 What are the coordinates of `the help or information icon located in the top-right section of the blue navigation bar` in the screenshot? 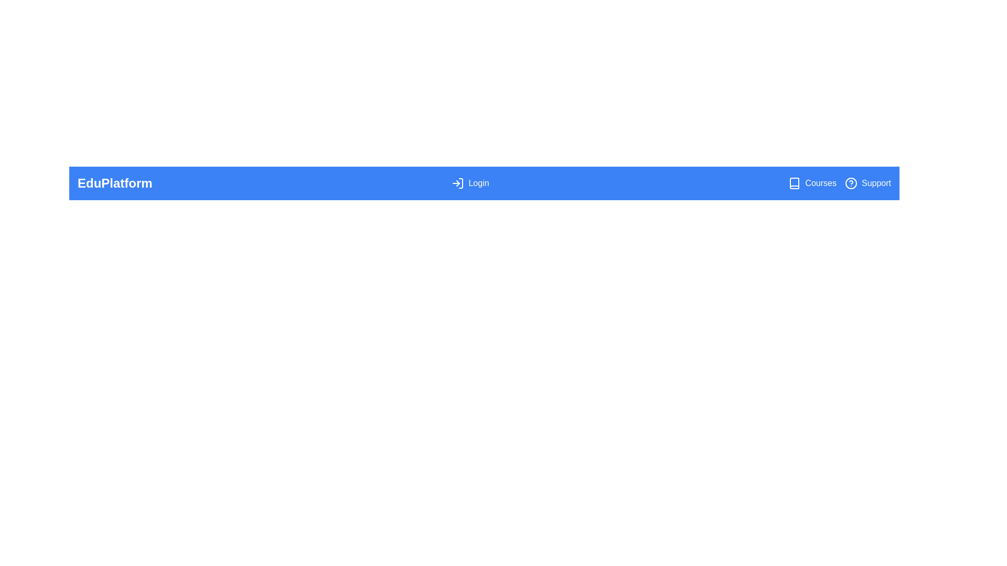 It's located at (851, 183).